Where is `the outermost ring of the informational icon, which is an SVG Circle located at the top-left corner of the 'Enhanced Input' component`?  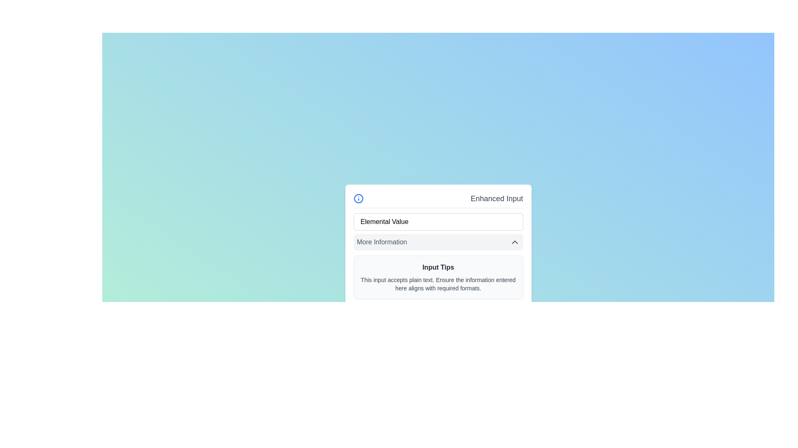
the outermost ring of the informational icon, which is an SVG Circle located at the top-left corner of the 'Enhanced Input' component is located at coordinates (358, 198).